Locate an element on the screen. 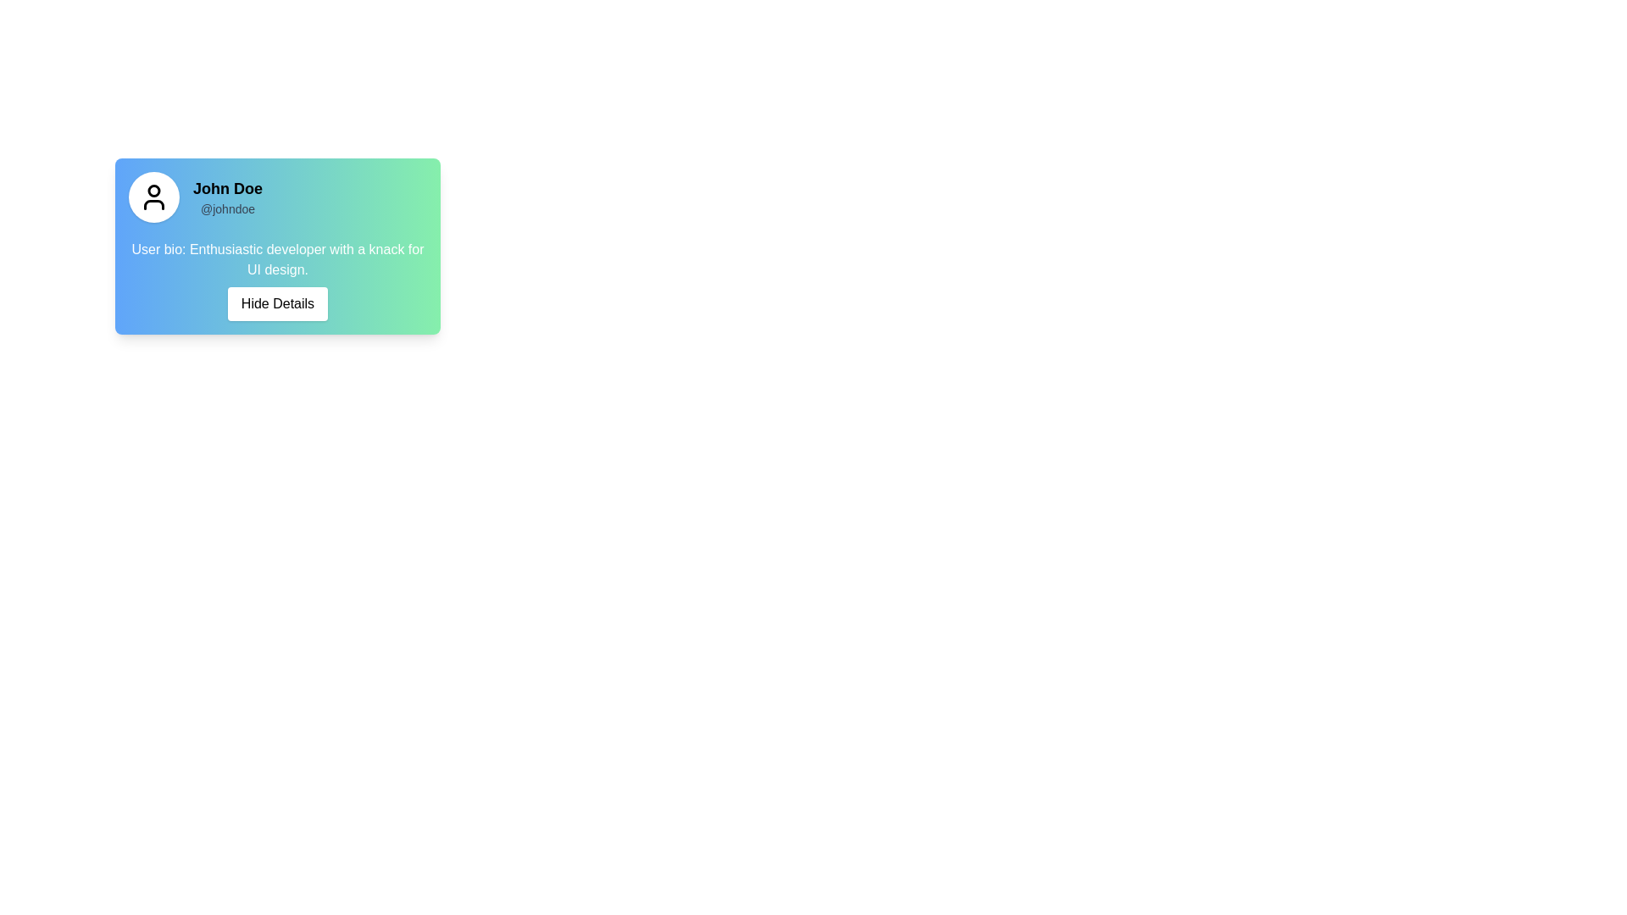  the circular SVG element that represents the user's avatar, located centrally within the profile card is located at coordinates (154, 190).